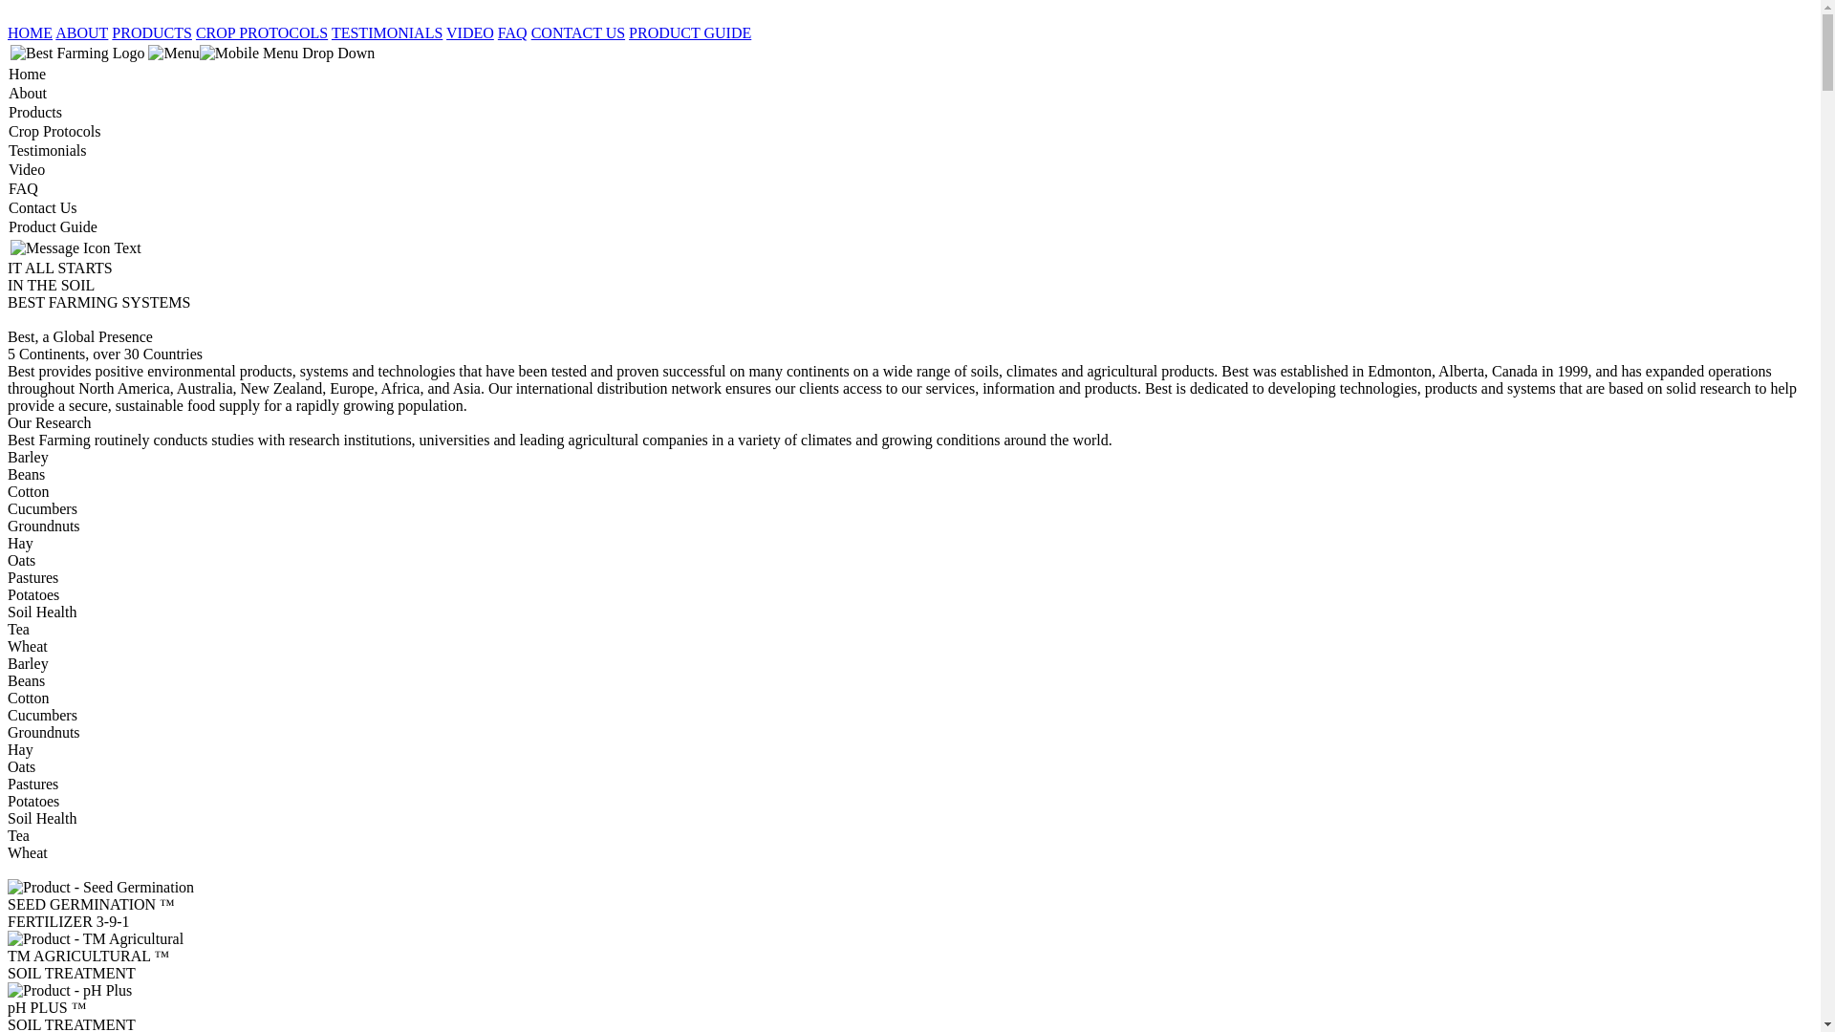 Image resolution: width=1835 pixels, height=1032 pixels. What do you see at coordinates (80, 32) in the screenshot?
I see `'ABOUT'` at bounding box center [80, 32].